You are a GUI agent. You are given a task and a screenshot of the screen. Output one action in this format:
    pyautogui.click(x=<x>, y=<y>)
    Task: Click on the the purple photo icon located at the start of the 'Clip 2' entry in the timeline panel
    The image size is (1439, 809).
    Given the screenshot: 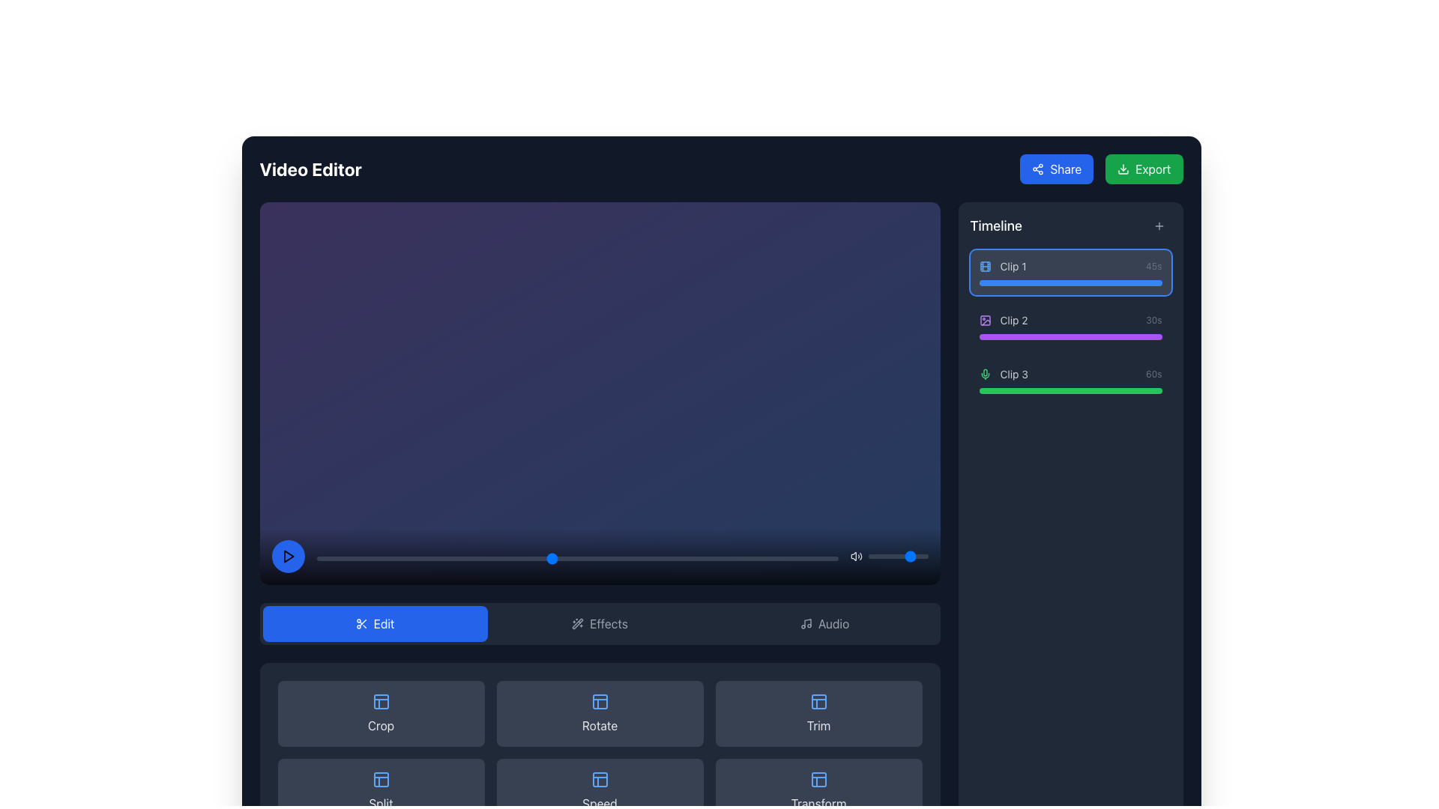 What is the action you would take?
    pyautogui.click(x=985, y=320)
    